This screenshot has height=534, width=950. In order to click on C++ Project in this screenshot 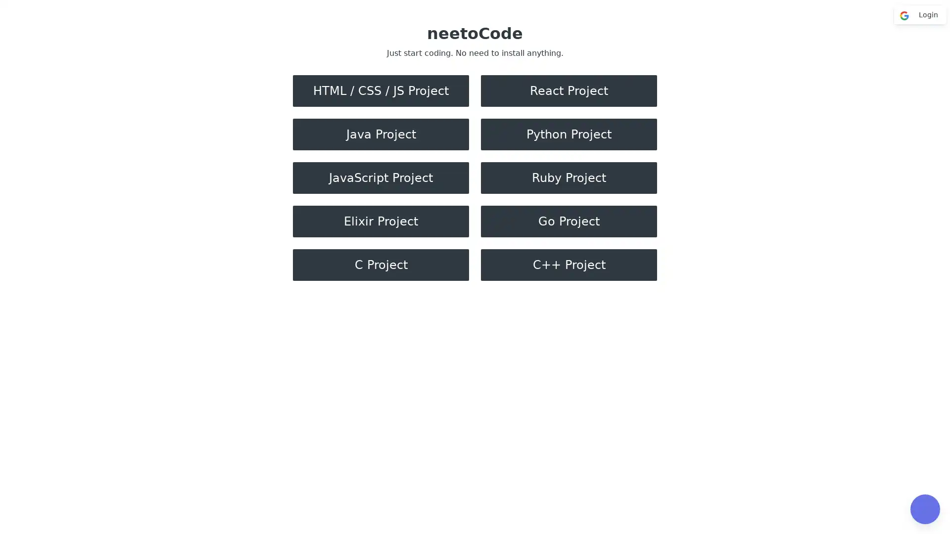, I will do `click(569, 265)`.